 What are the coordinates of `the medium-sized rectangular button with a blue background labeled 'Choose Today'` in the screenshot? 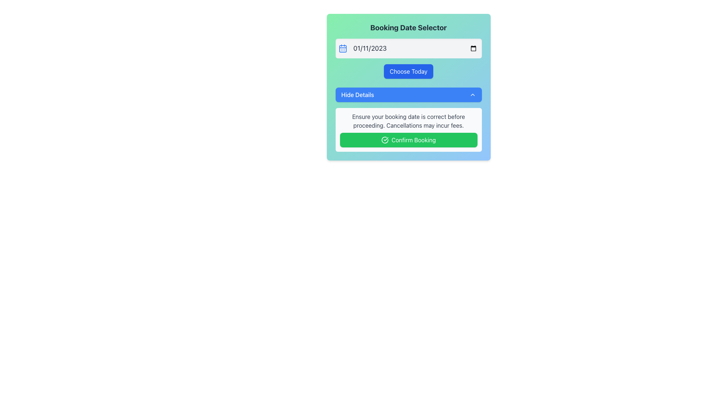 It's located at (408, 72).